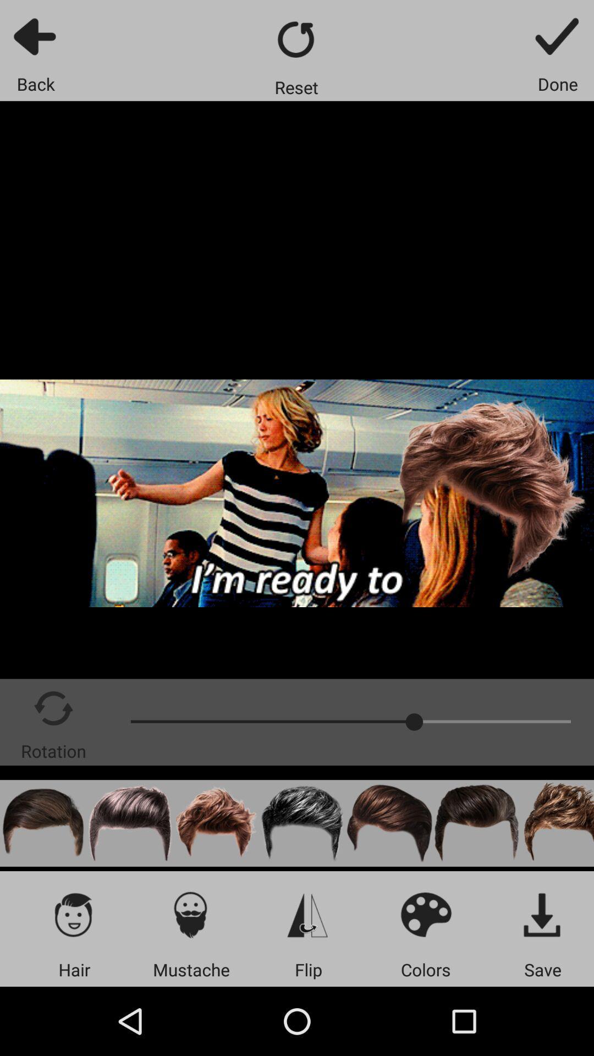 The width and height of the screenshot is (594, 1056). I want to click on reset button, so click(296, 39).